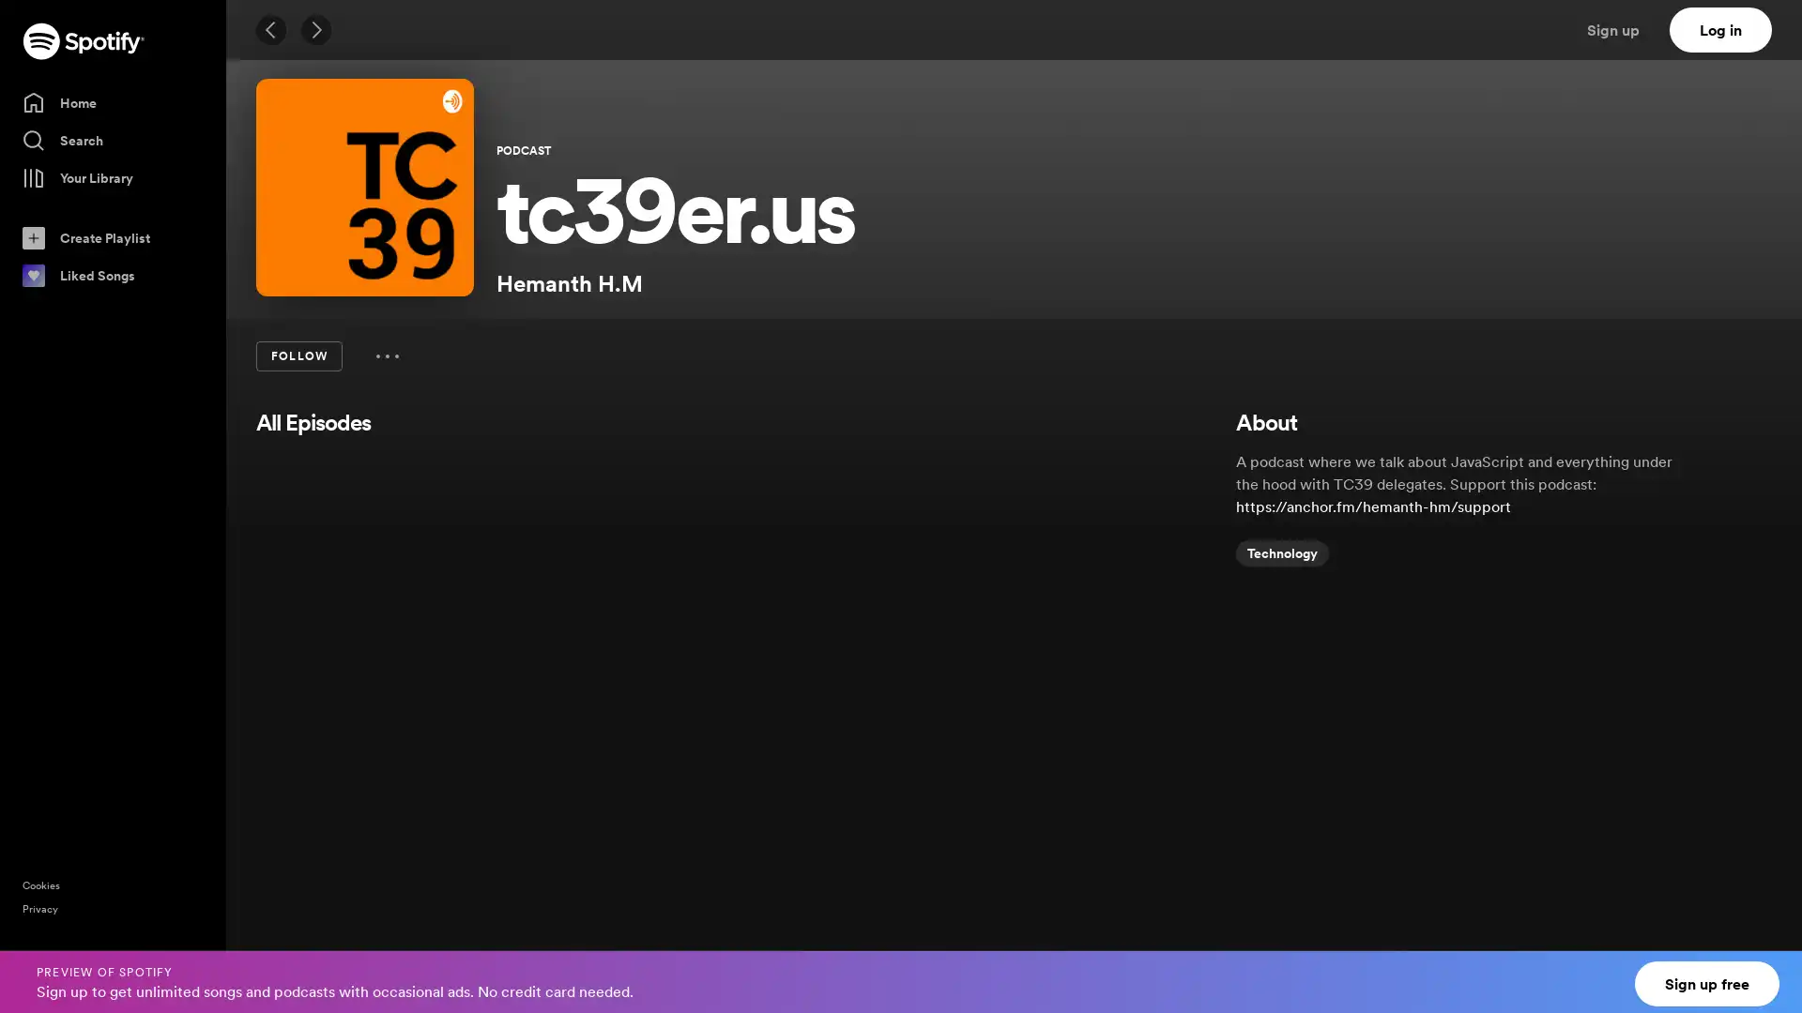  Describe the element at coordinates (298, 356) in the screenshot. I see `FOLLOW` at that location.